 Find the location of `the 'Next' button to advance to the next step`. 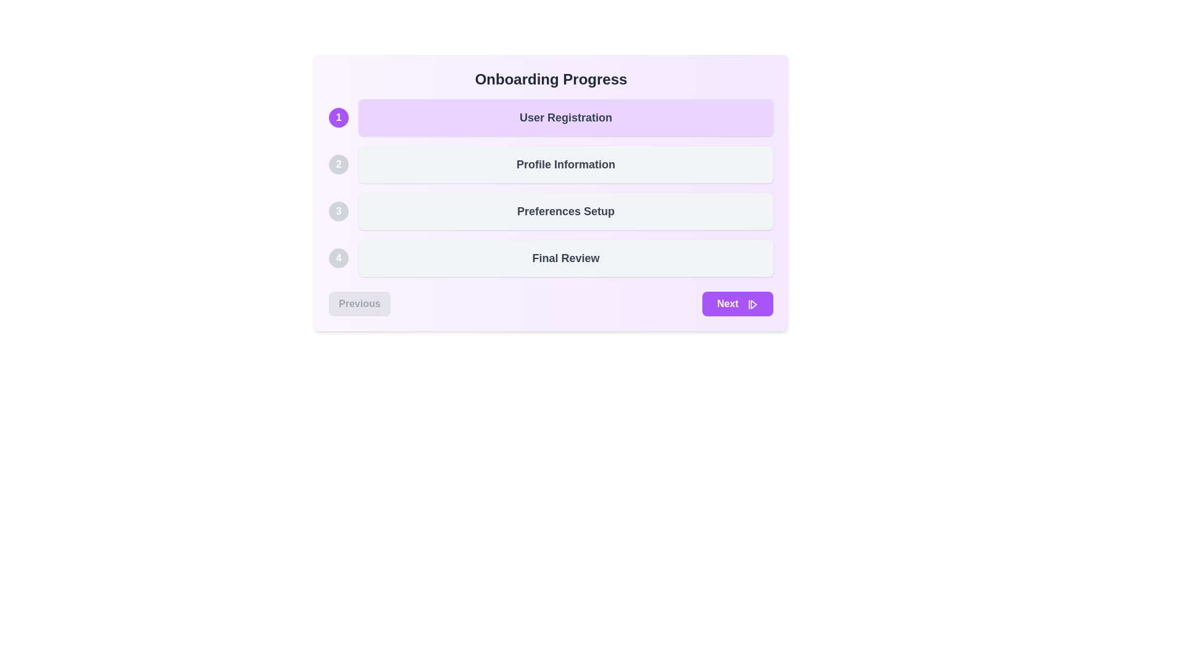

the 'Next' button to advance to the next step is located at coordinates (738, 304).